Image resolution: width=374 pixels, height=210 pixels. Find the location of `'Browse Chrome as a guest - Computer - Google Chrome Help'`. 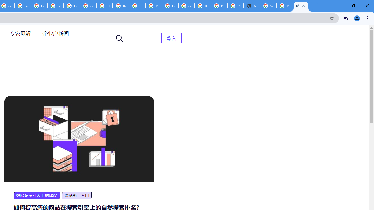

'Browse Chrome as a guest - Computer - Google Chrome Help' is located at coordinates (121, 6).